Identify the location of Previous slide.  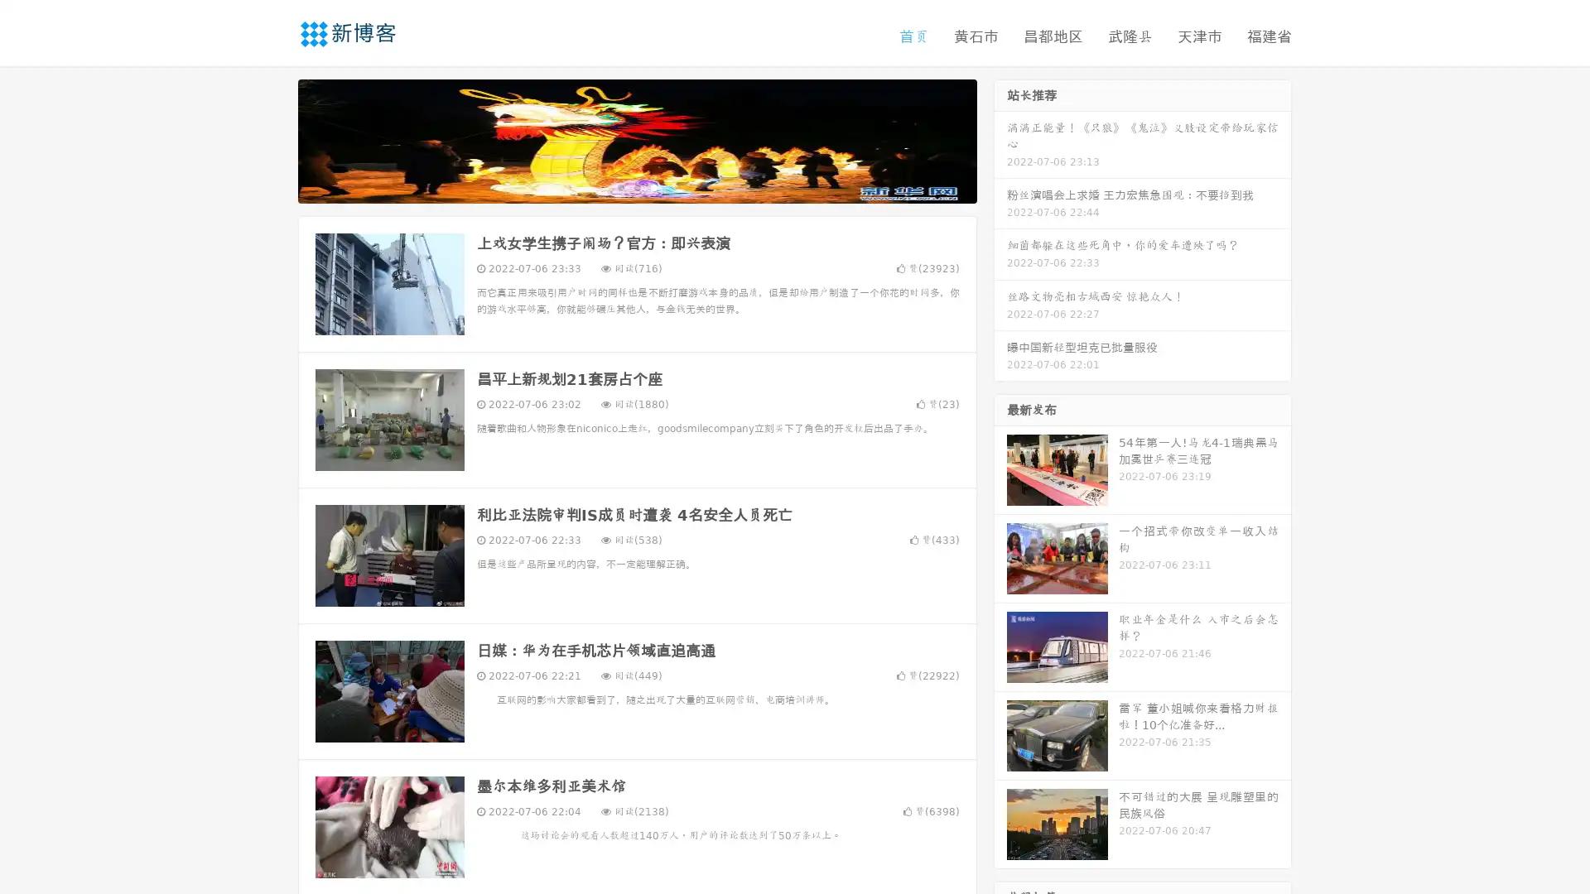
(273, 139).